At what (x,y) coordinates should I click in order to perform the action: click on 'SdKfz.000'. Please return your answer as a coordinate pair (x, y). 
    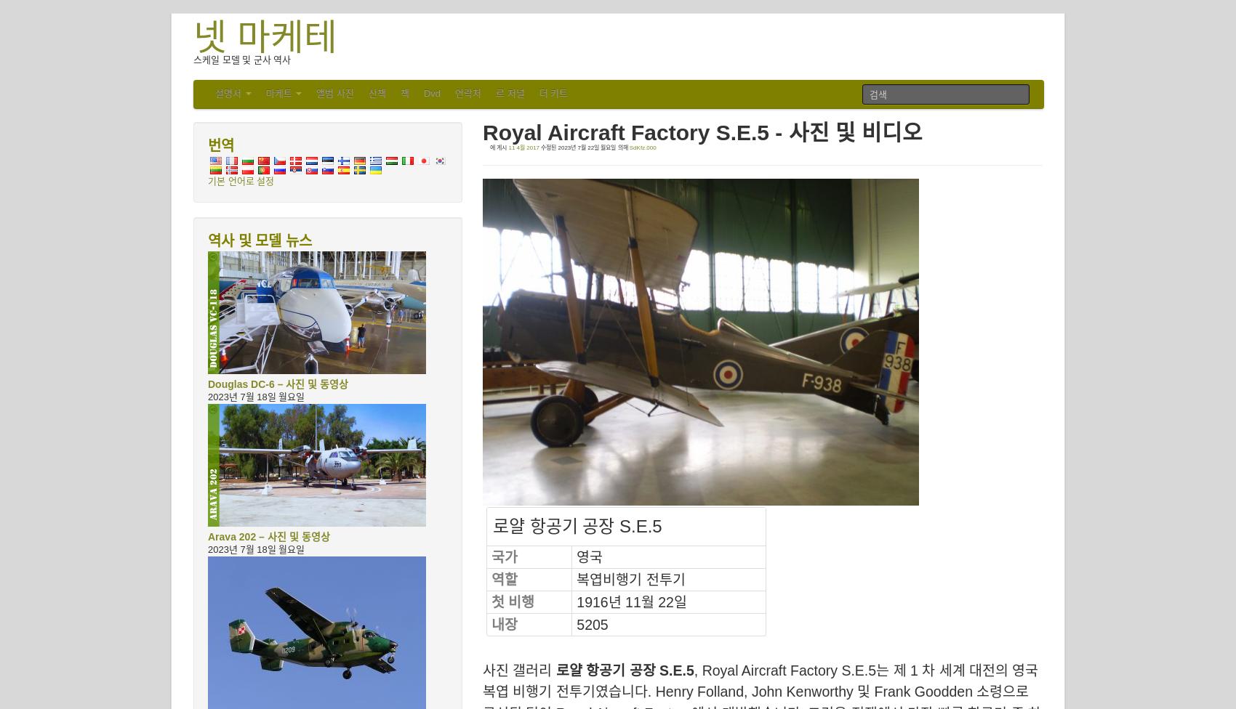
    Looking at the image, I should click on (642, 147).